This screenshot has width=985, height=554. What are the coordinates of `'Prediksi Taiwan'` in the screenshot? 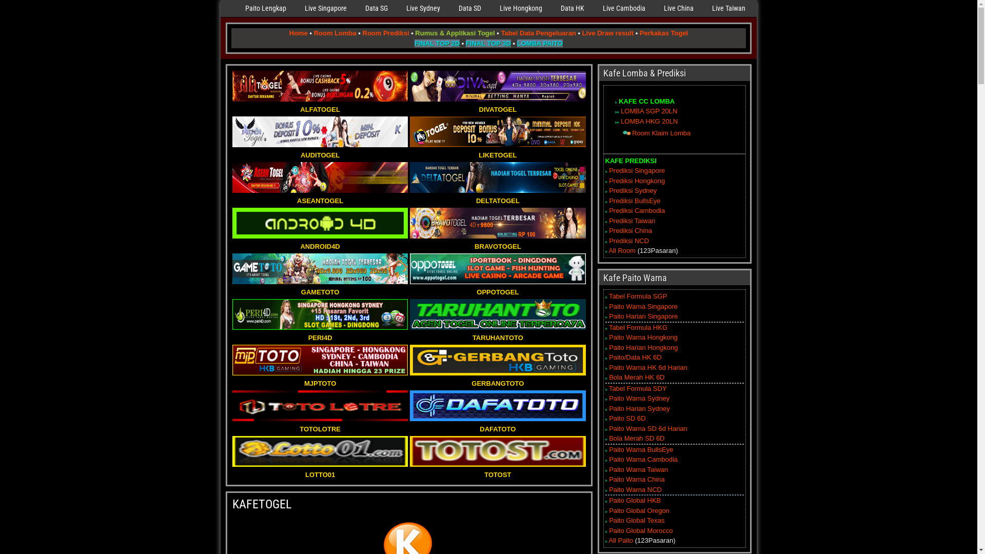 It's located at (608, 220).